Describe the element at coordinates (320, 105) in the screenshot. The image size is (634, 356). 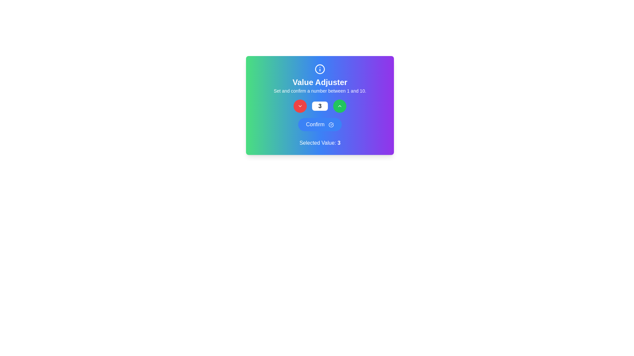
I see `the numeric value input field which is centrally located between a red down arrow button and a green up arrow button` at that location.